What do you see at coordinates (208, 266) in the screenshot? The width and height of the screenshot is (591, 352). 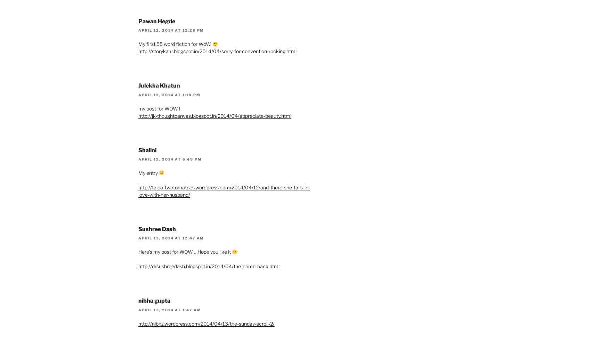 I see `'http://drsushreedash.blogspot.in/2014/04/the-come-back.html'` at bounding box center [208, 266].